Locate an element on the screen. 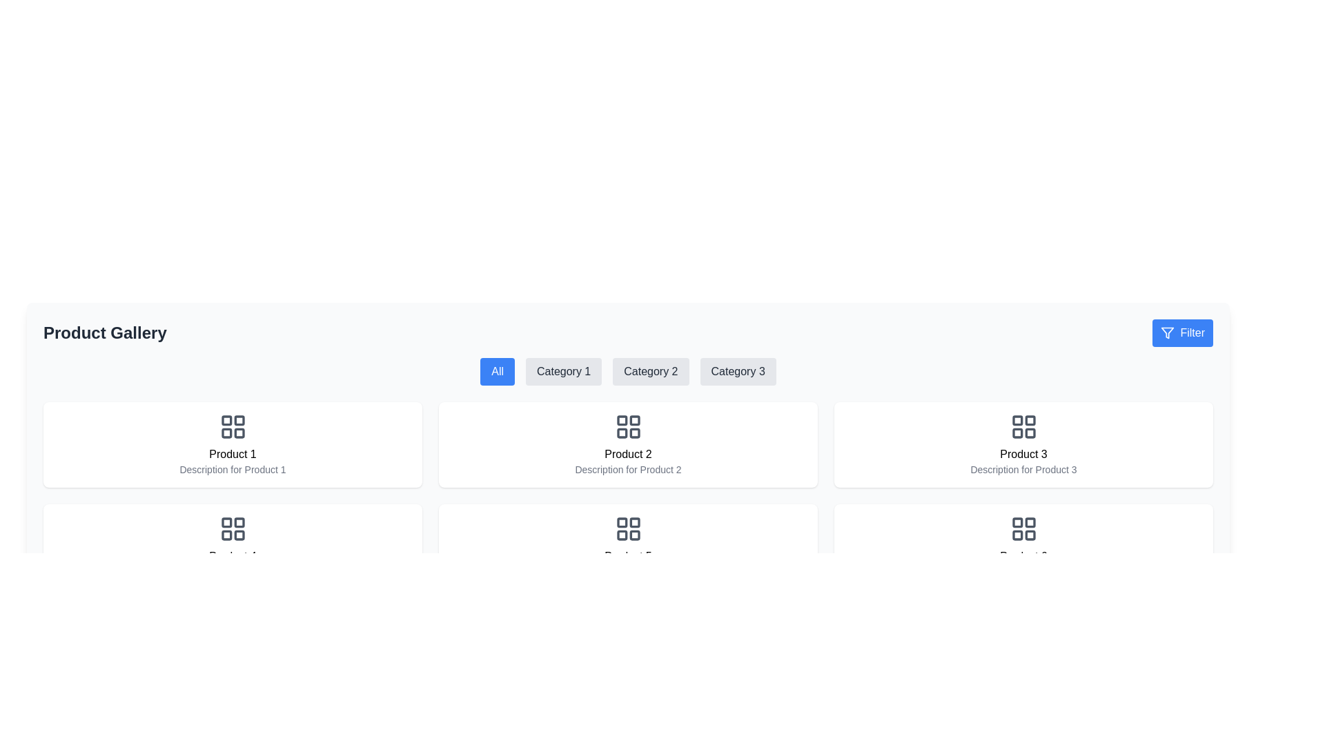  the visual details of the icon located at the top center of the card layout, which represents a product type or category is located at coordinates (233, 426).